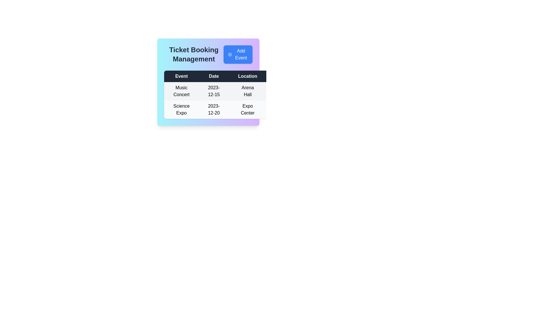 The height and width of the screenshot is (310, 551). What do you see at coordinates (248, 76) in the screenshot?
I see `the 'Location' text label, which is the third header from the left in a row of five, styled with a dark background and white text, located near the top of the table` at bounding box center [248, 76].